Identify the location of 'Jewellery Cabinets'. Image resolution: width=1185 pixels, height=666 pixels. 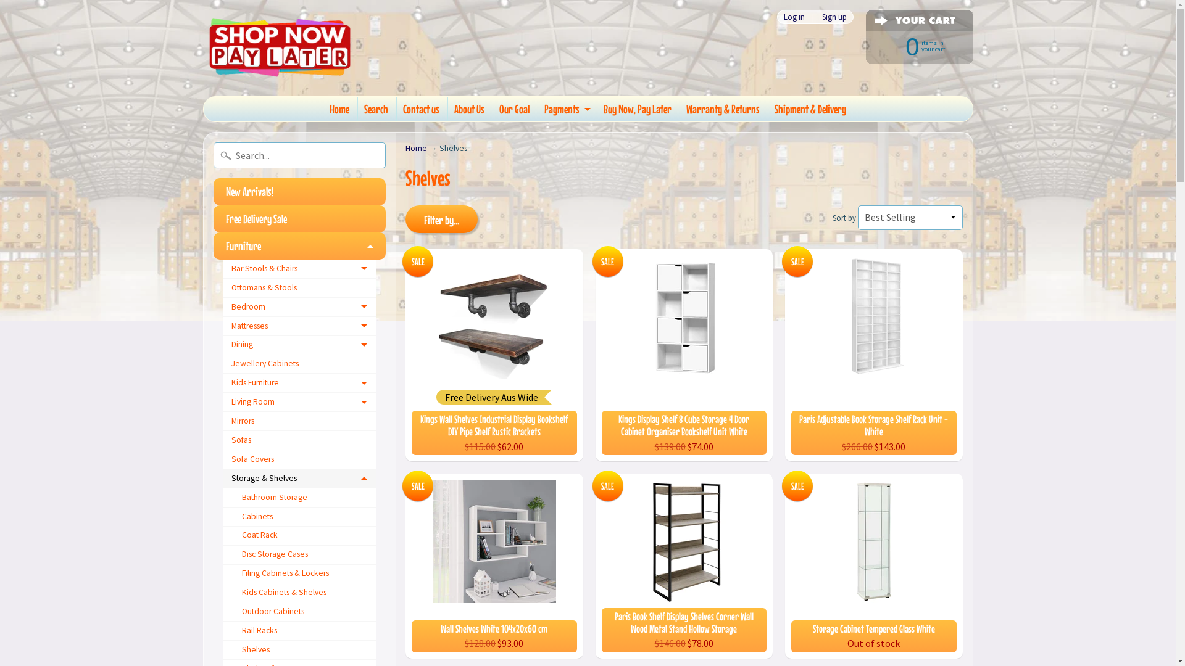
(299, 364).